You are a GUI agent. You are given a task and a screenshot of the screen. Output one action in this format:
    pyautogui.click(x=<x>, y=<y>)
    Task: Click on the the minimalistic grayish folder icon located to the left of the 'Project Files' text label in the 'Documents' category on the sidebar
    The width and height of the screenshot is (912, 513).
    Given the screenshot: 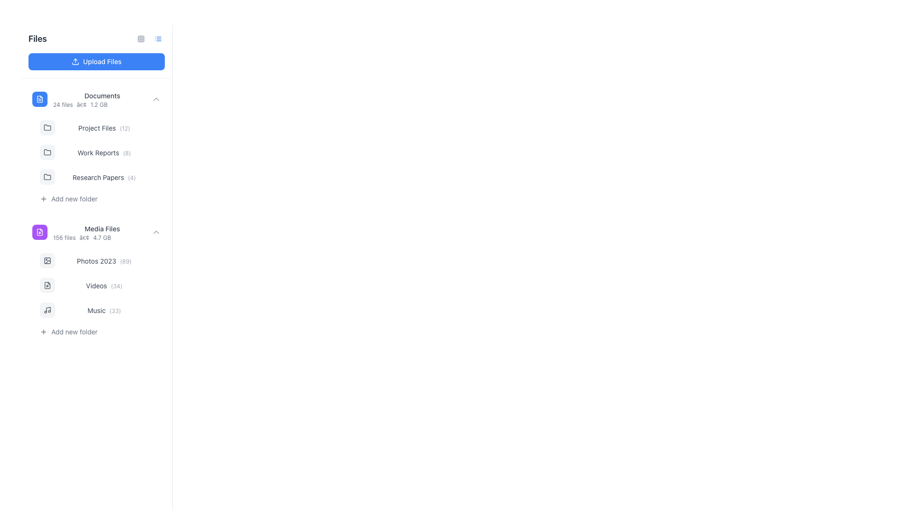 What is the action you would take?
    pyautogui.click(x=47, y=127)
    